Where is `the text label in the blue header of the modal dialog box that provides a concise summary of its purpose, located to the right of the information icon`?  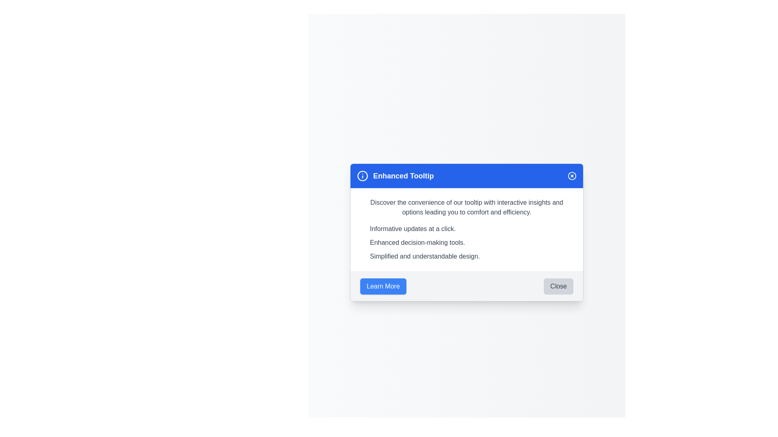
the text label in the blue header of the modal dialog box that provides a concise summary of its purpose, located to the right of the information icon is located at coordinates (403, 175).